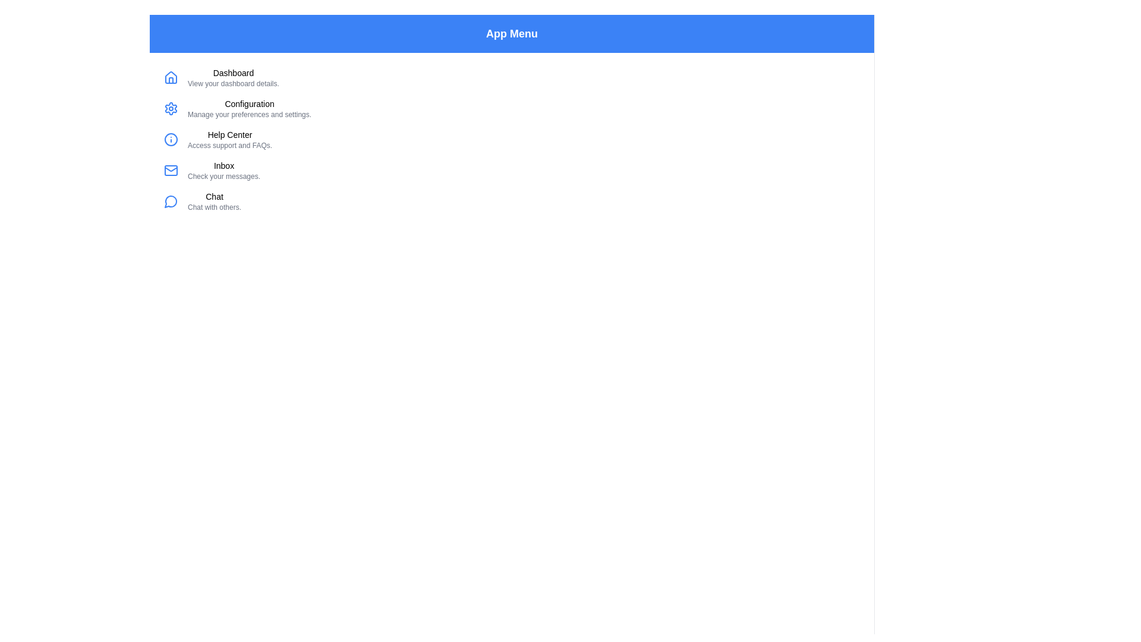  I want to click on the small light gray text element located directly beneath the 'Help Center' heading in the vertical navigation menu, so click(230, 145).